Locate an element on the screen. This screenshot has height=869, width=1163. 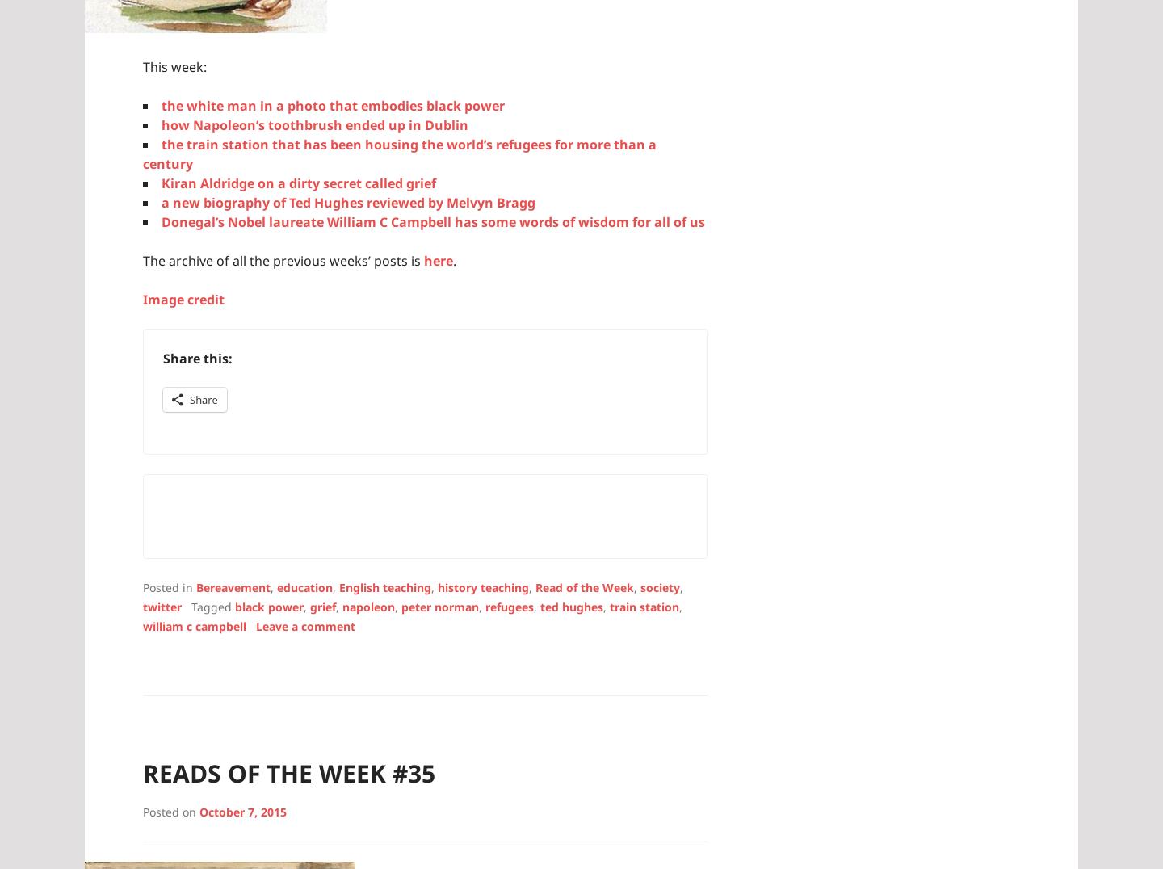
'Kiran Aldridge on a dirty secret called grief' is located at coordinates (297, 182).